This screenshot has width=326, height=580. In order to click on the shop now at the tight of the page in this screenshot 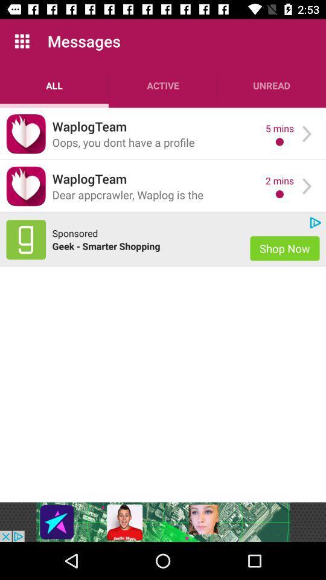, I will do `click(285, 248)`.